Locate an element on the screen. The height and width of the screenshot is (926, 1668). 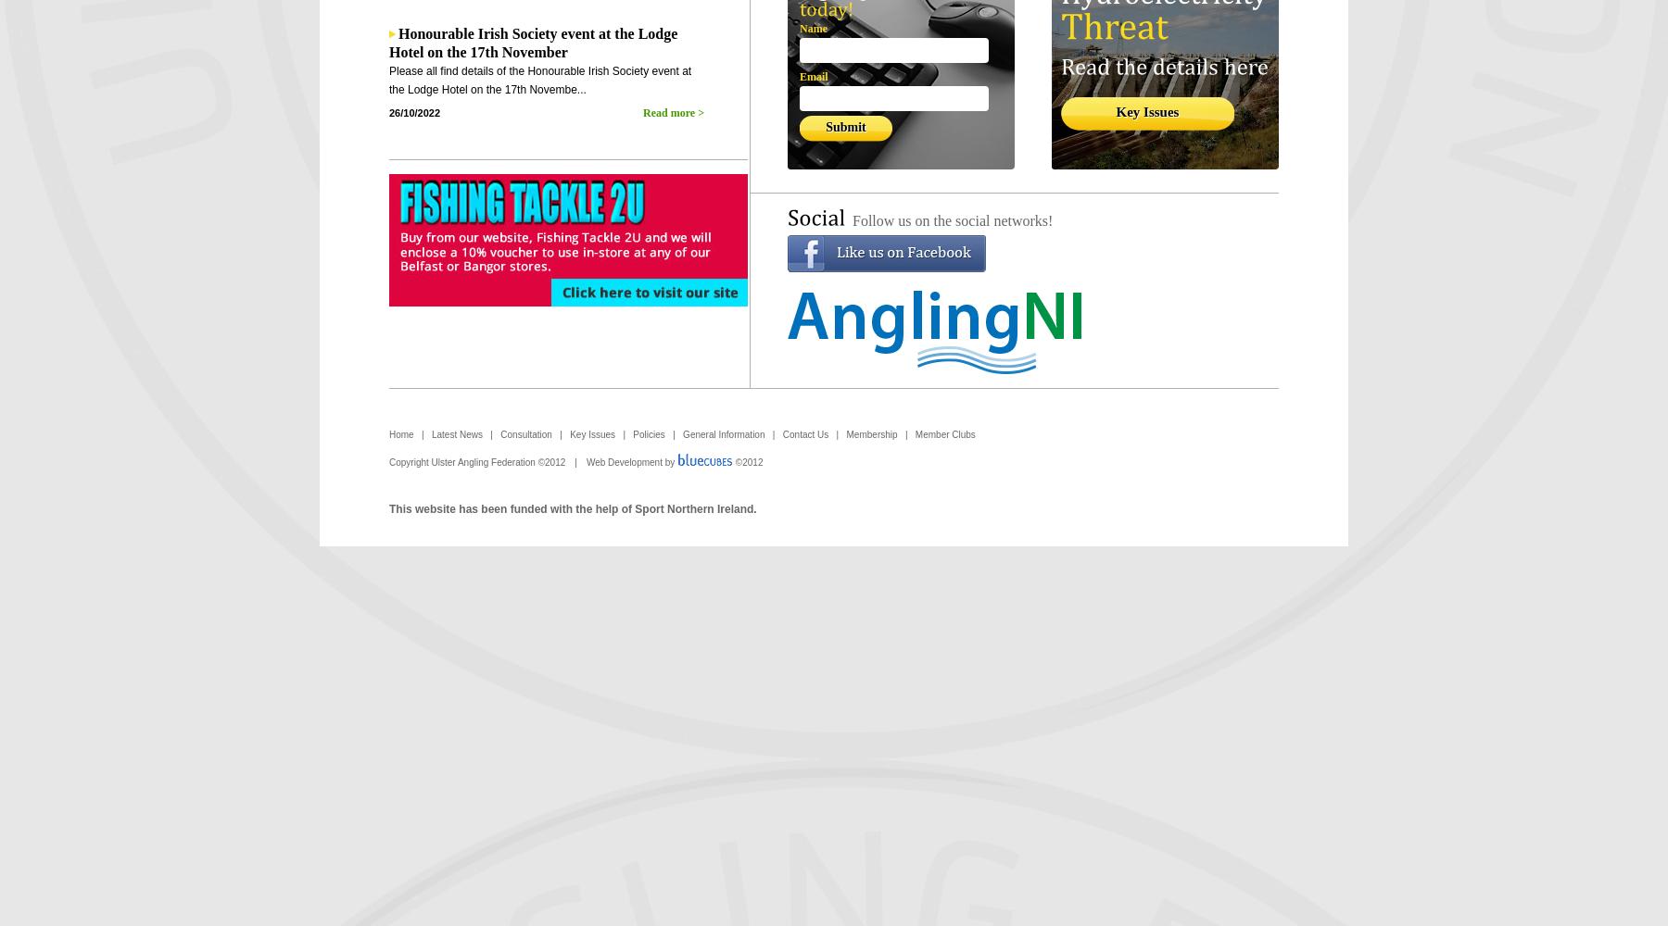
'Policies' is located at coordinates (648, 433).